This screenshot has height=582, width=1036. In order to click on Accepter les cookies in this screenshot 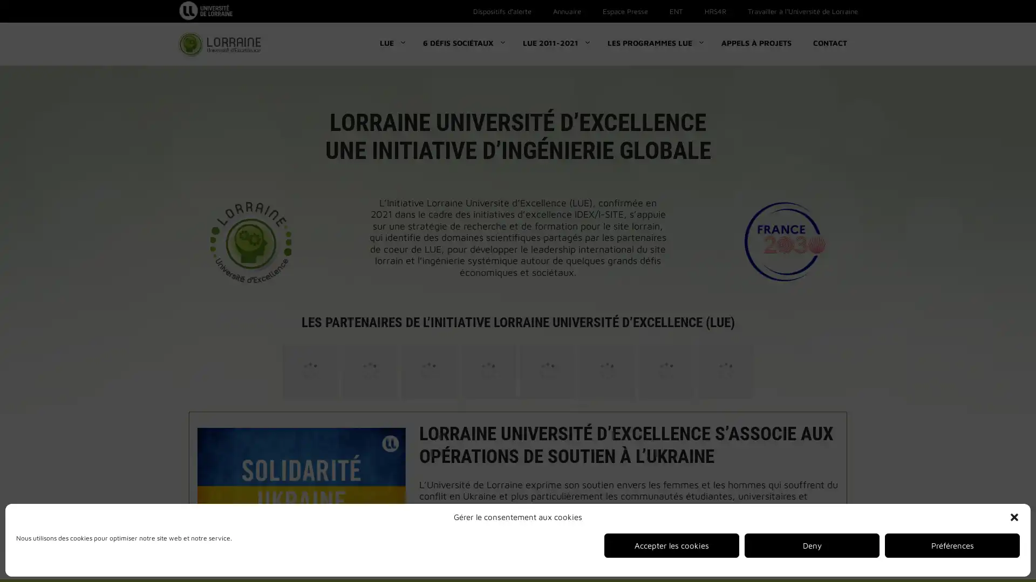, I will do `click(671, 545)`.